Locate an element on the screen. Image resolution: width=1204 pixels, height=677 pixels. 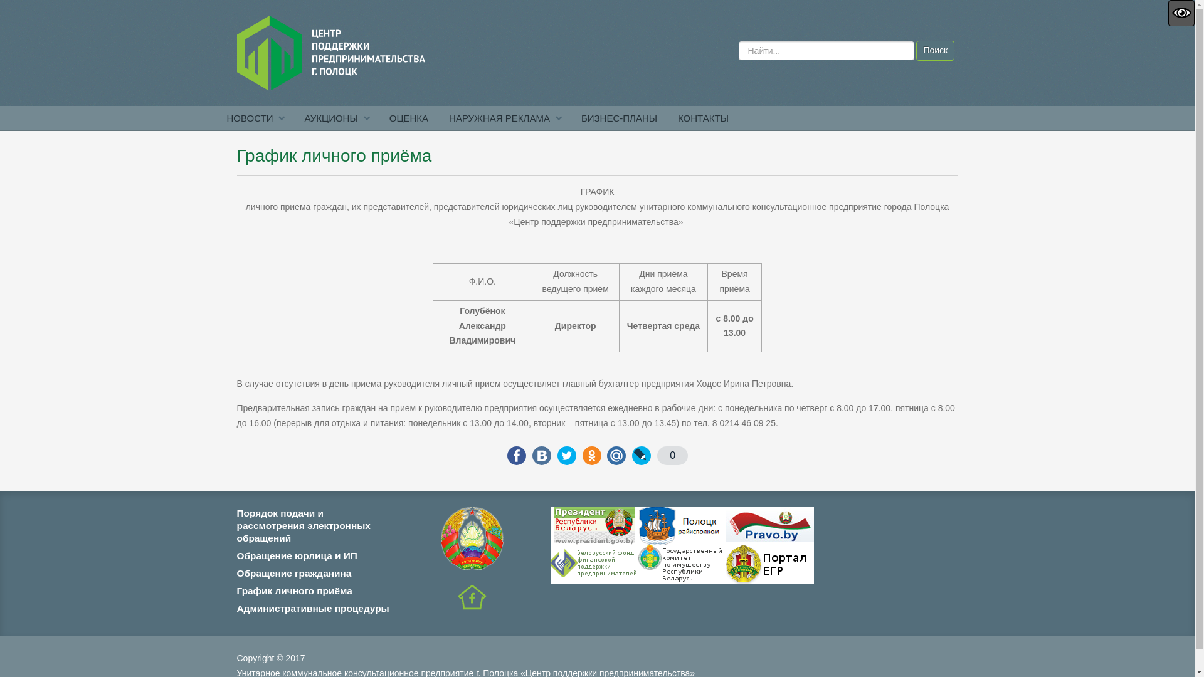
'LiveJournal' is located at coordinates (641, 455).